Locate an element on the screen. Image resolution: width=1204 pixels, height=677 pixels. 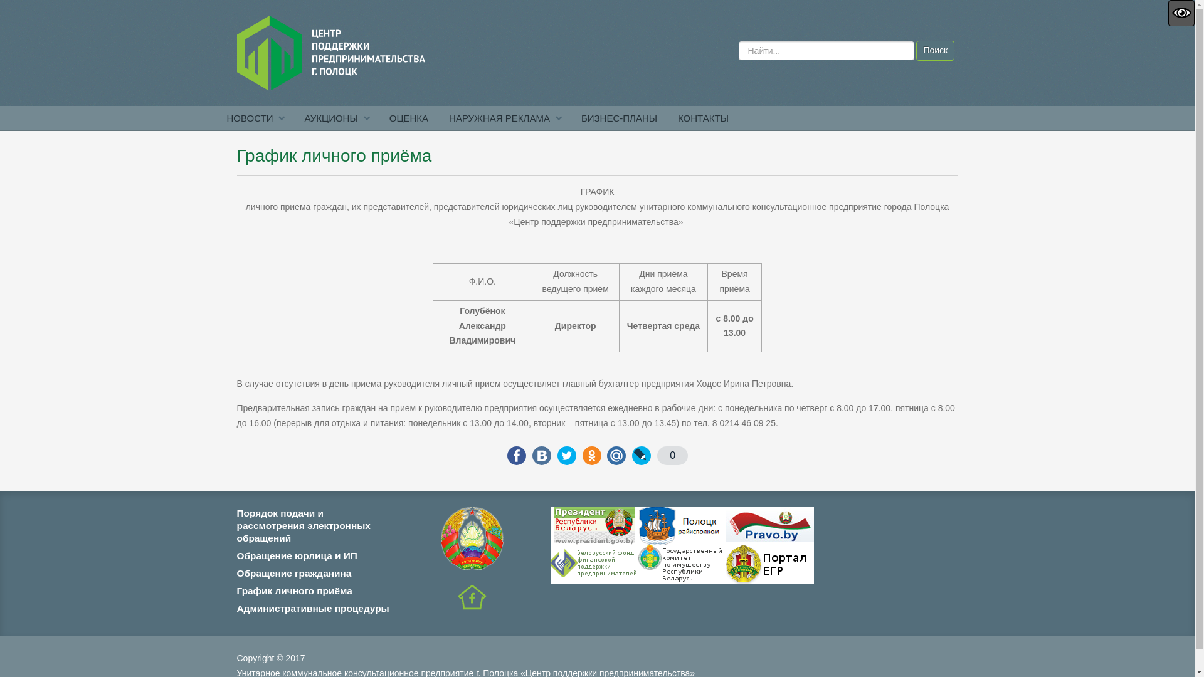
'LiveJournal' is located at coordinates (641, 455).